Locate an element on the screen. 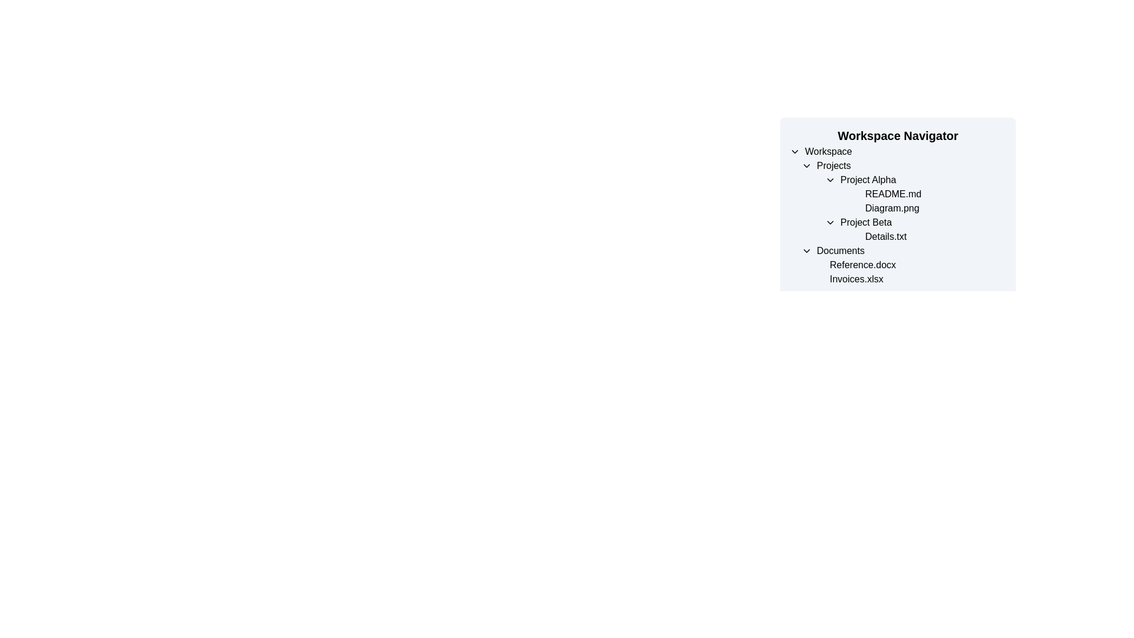 This screenshot has width=1134, height=638. the Dropdown Toggle Indicator (Chevron Icon) located to the left of the 'Workspace' text label is located at coordinates (794, 151).